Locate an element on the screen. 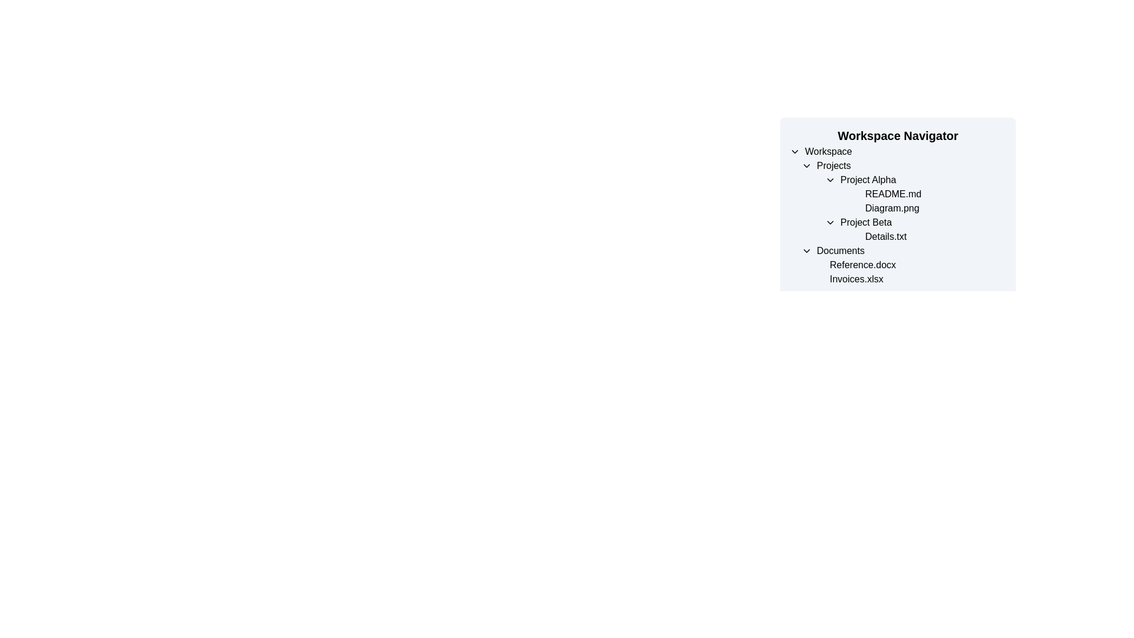 This screenshot has width=1134, height=638. the Dropdown Toggle Indicator (Chevron Icon) located to the left of the 'Workspace' text label is located at coordinates (794, 151).